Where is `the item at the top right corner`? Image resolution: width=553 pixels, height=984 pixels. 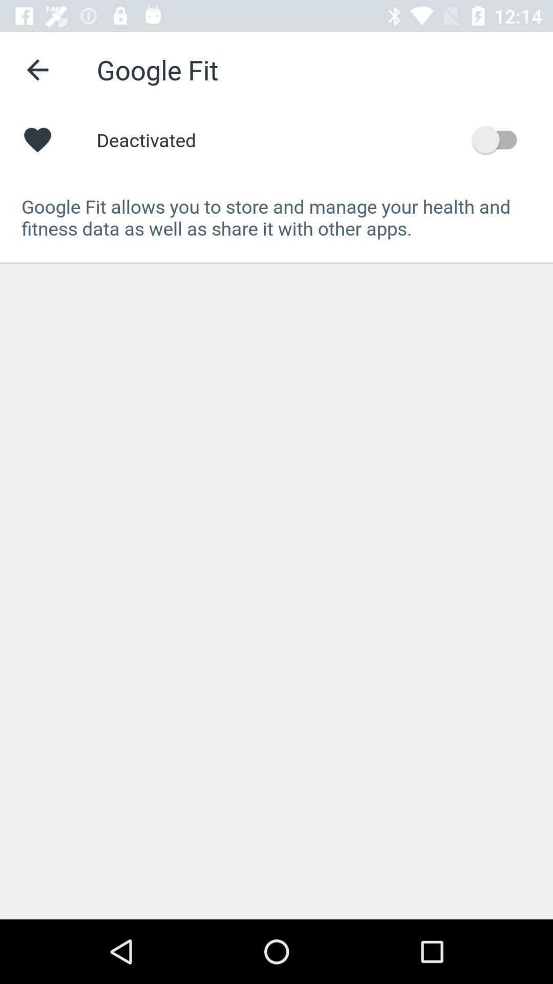
the item at the top right corner is located at coordinates (499, 139).